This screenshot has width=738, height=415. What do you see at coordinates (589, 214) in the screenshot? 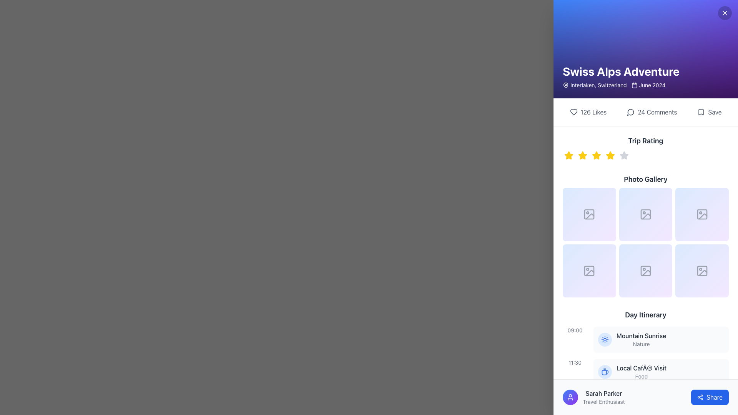
I see `the photo gallery icon located in the first row and second column of the 3x2 grid layout, which serves as a placeholder for an image` at bounding box center [589, 214].